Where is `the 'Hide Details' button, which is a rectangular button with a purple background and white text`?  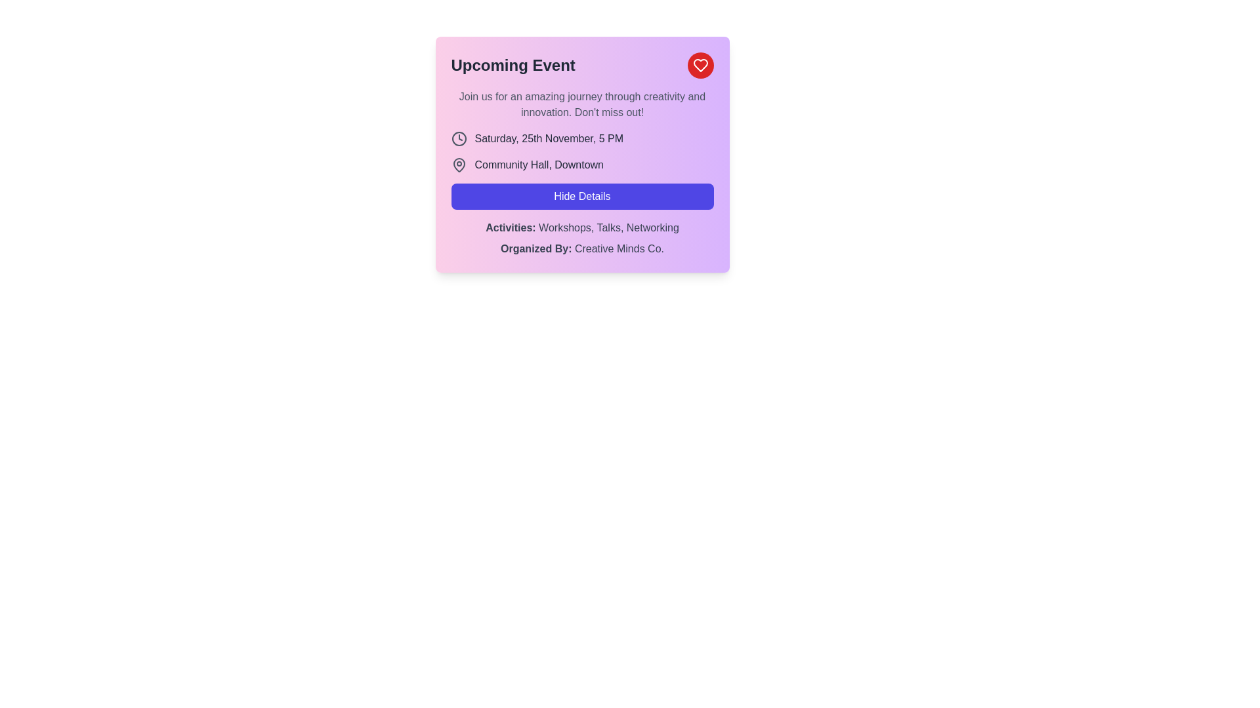
the 'Hide Details' button, which is a rectangular button with a purple background and white text is located at coordinates (581, 197).